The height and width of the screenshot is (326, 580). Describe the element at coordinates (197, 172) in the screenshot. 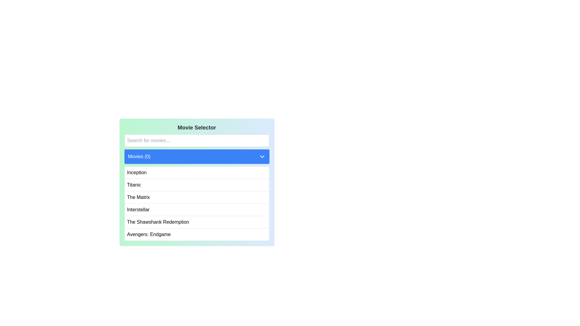

I see `the first movie title in the dropdown menu labeled 'Movie Selector'` at that location.